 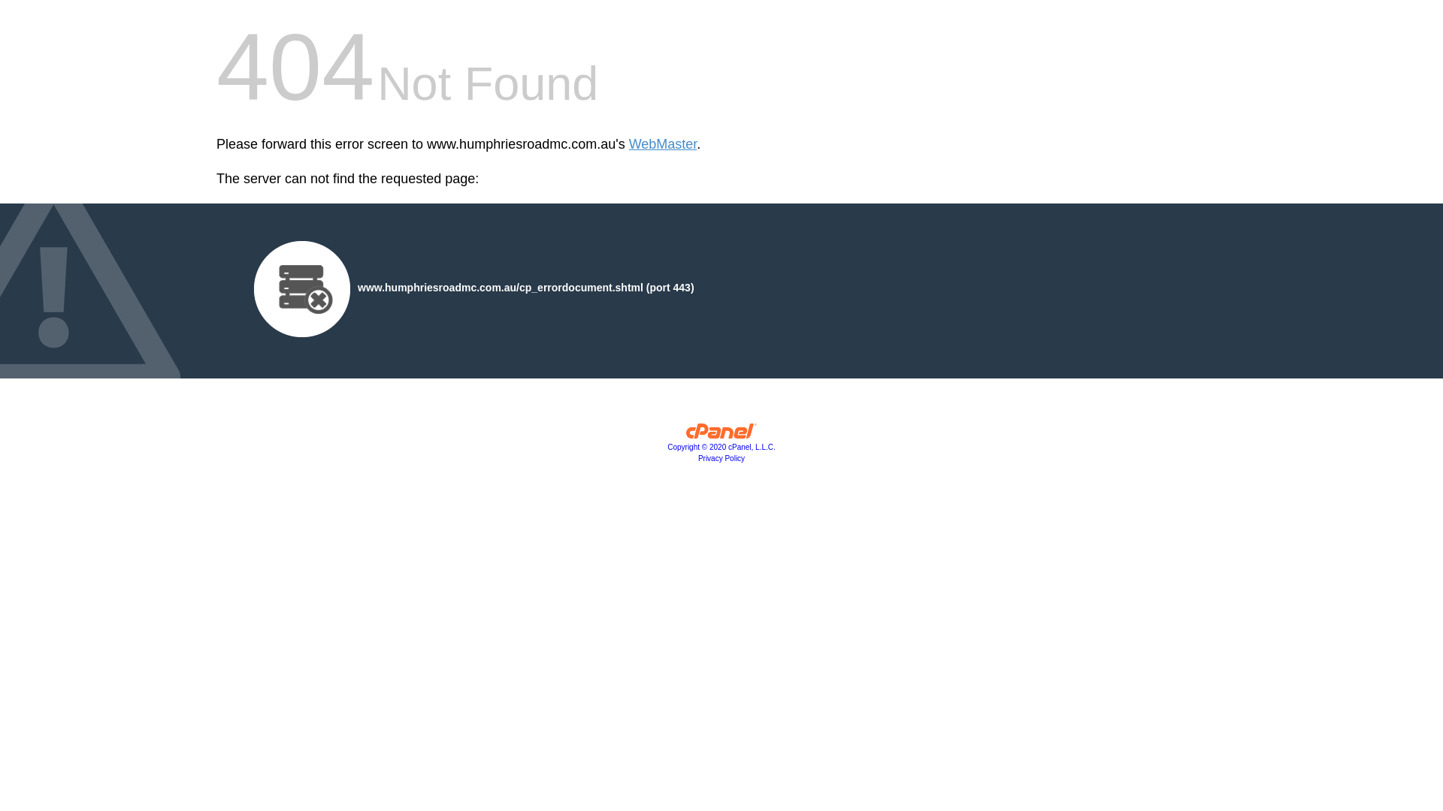 I want to click on 'WebMaster', so click(x=662, y=144).